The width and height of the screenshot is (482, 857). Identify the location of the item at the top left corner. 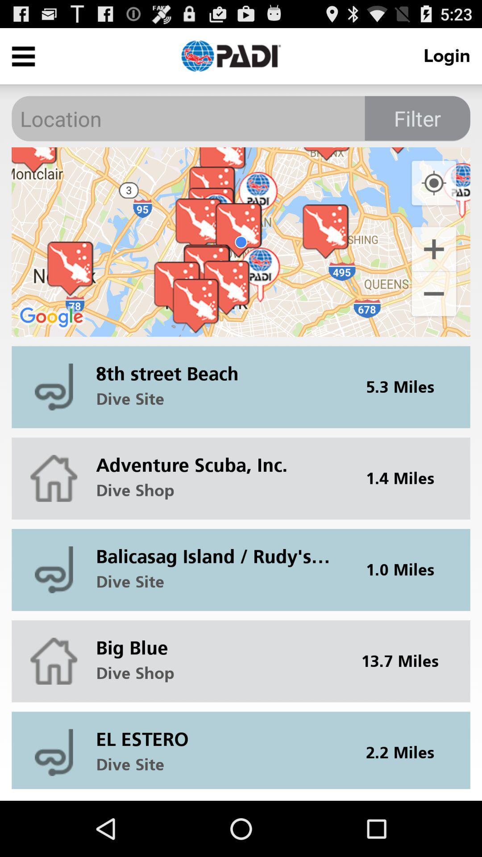
(23, 55).